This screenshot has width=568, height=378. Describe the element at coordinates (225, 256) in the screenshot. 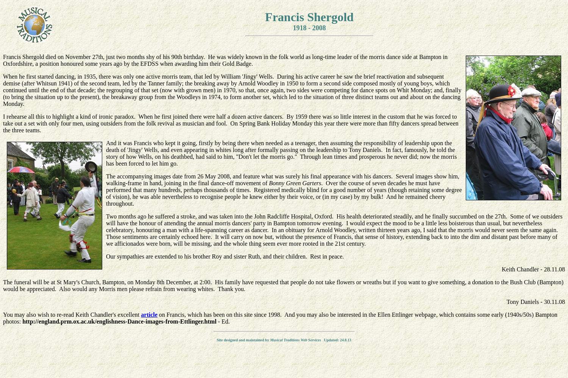

I see `'Our sympathies are extended to his brother Roy and sister Ruth, and their children.  Rest in peace.'` at that location.